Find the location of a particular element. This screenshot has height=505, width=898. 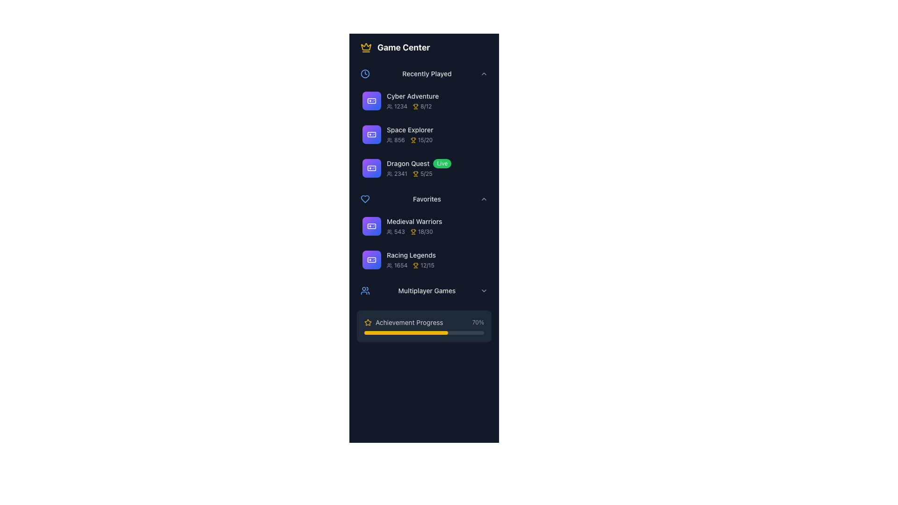

the text label with accompanying icon that represents the player count in the 'Recently Played' section is located at coordinates (397, 173).